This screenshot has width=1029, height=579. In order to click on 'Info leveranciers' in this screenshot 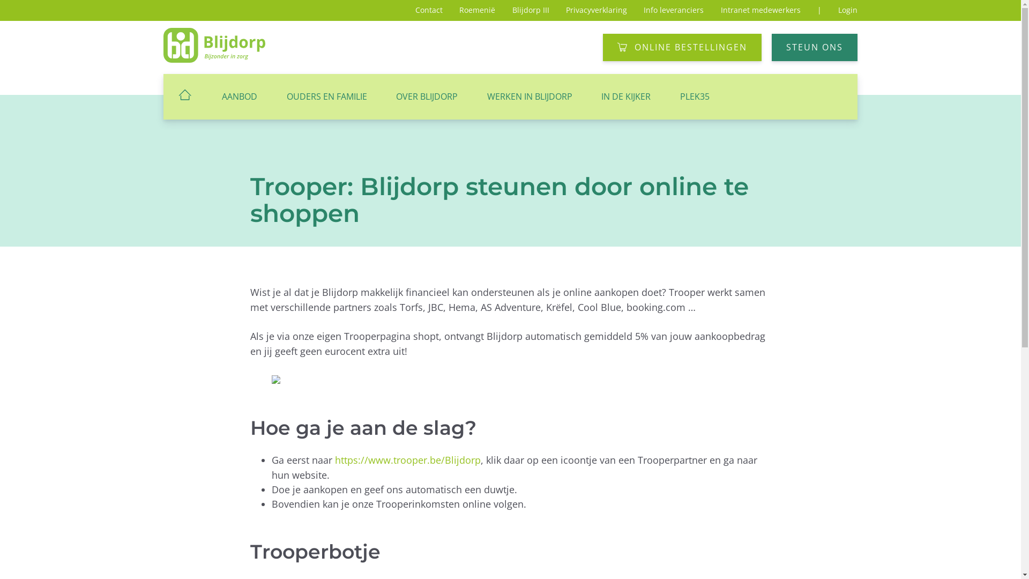, I will do `click(643, 10)`.